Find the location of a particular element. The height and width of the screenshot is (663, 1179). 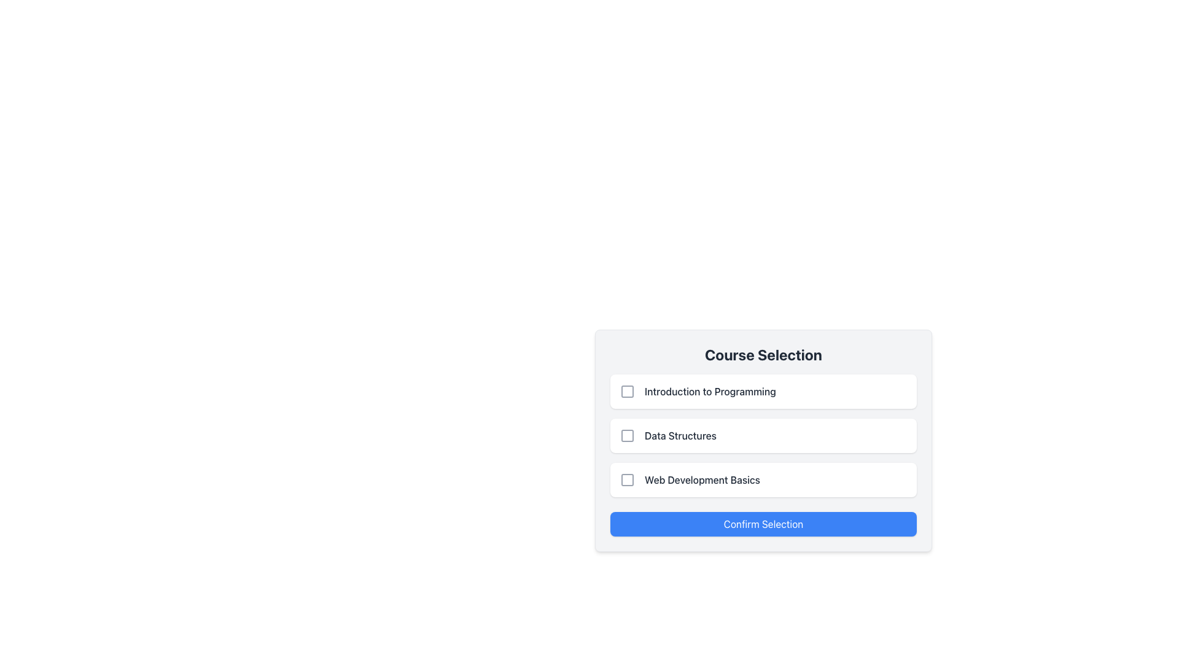

the third text label in the 'Course Selection' panel is located at coordinates (702, 479).